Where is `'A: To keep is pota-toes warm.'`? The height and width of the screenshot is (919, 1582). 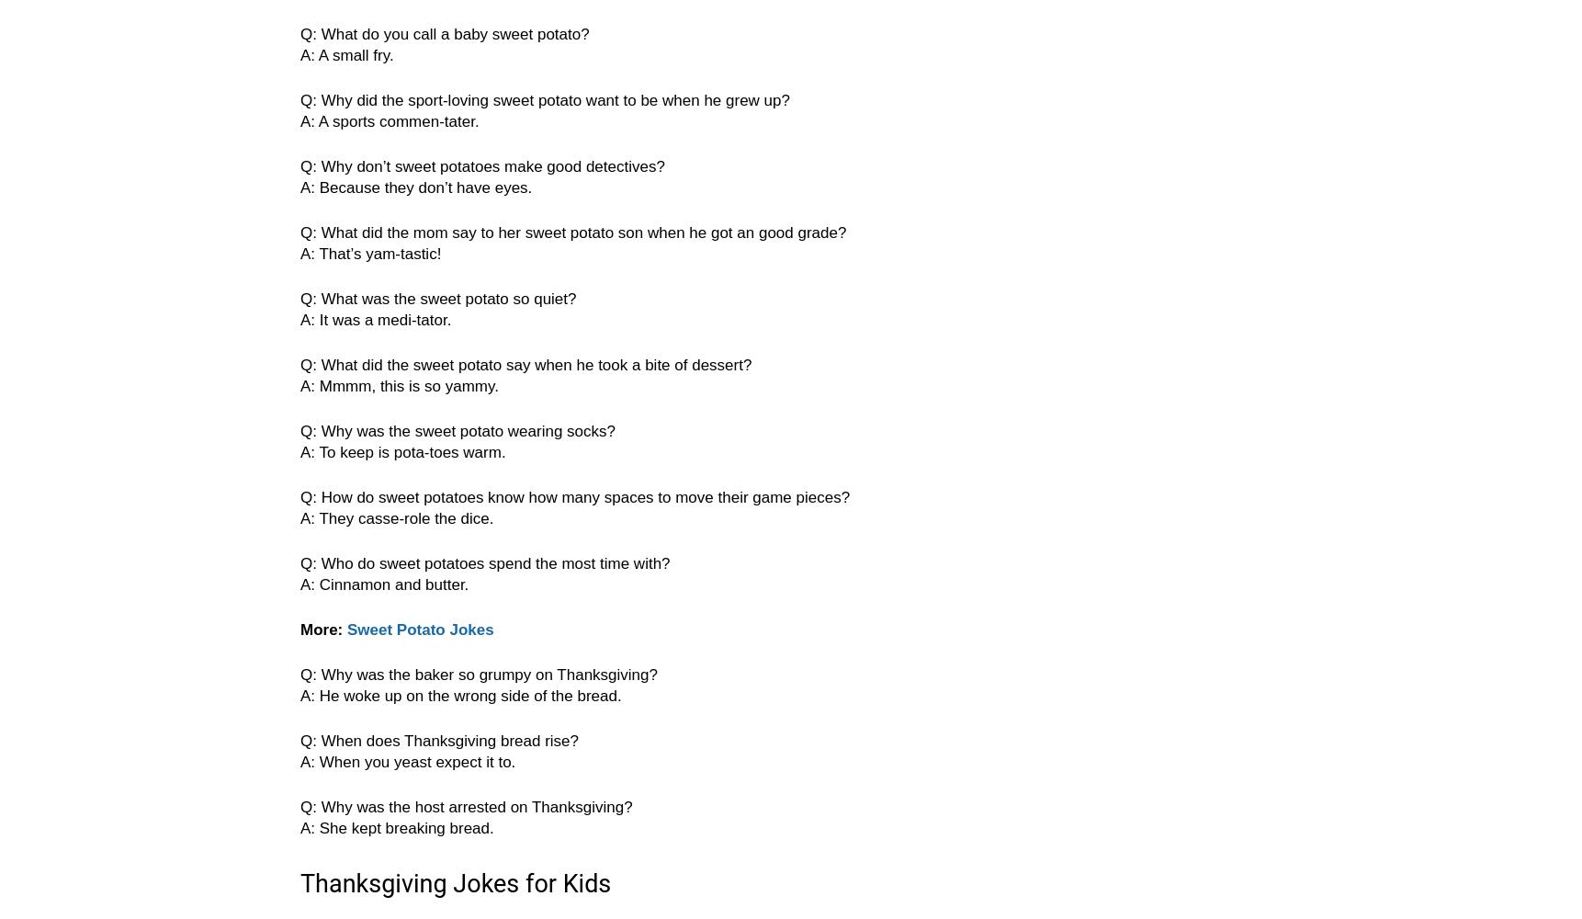 'A: To keep is pota-toes warm.' is located at coordinates (401, 451).